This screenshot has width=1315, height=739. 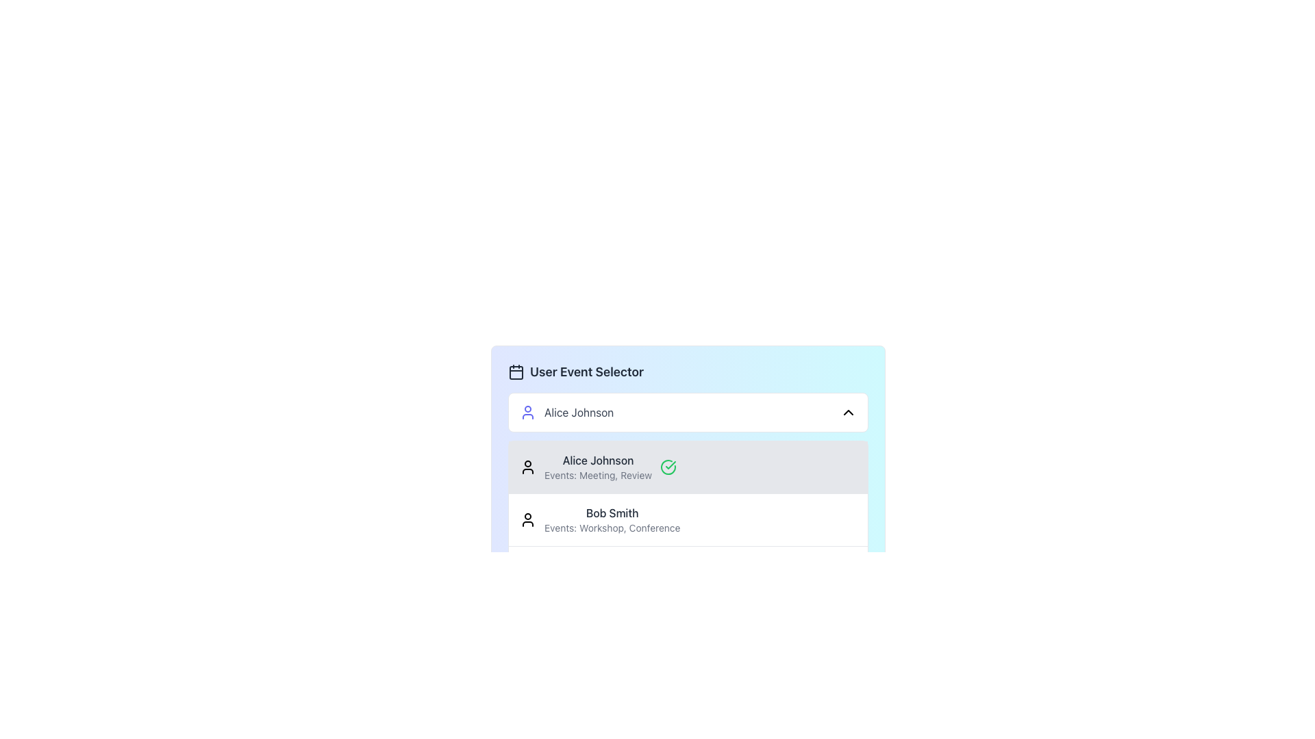 I want to click on the interactive label displaying the name 'Alice Johnson', so click(x=566, y=411).